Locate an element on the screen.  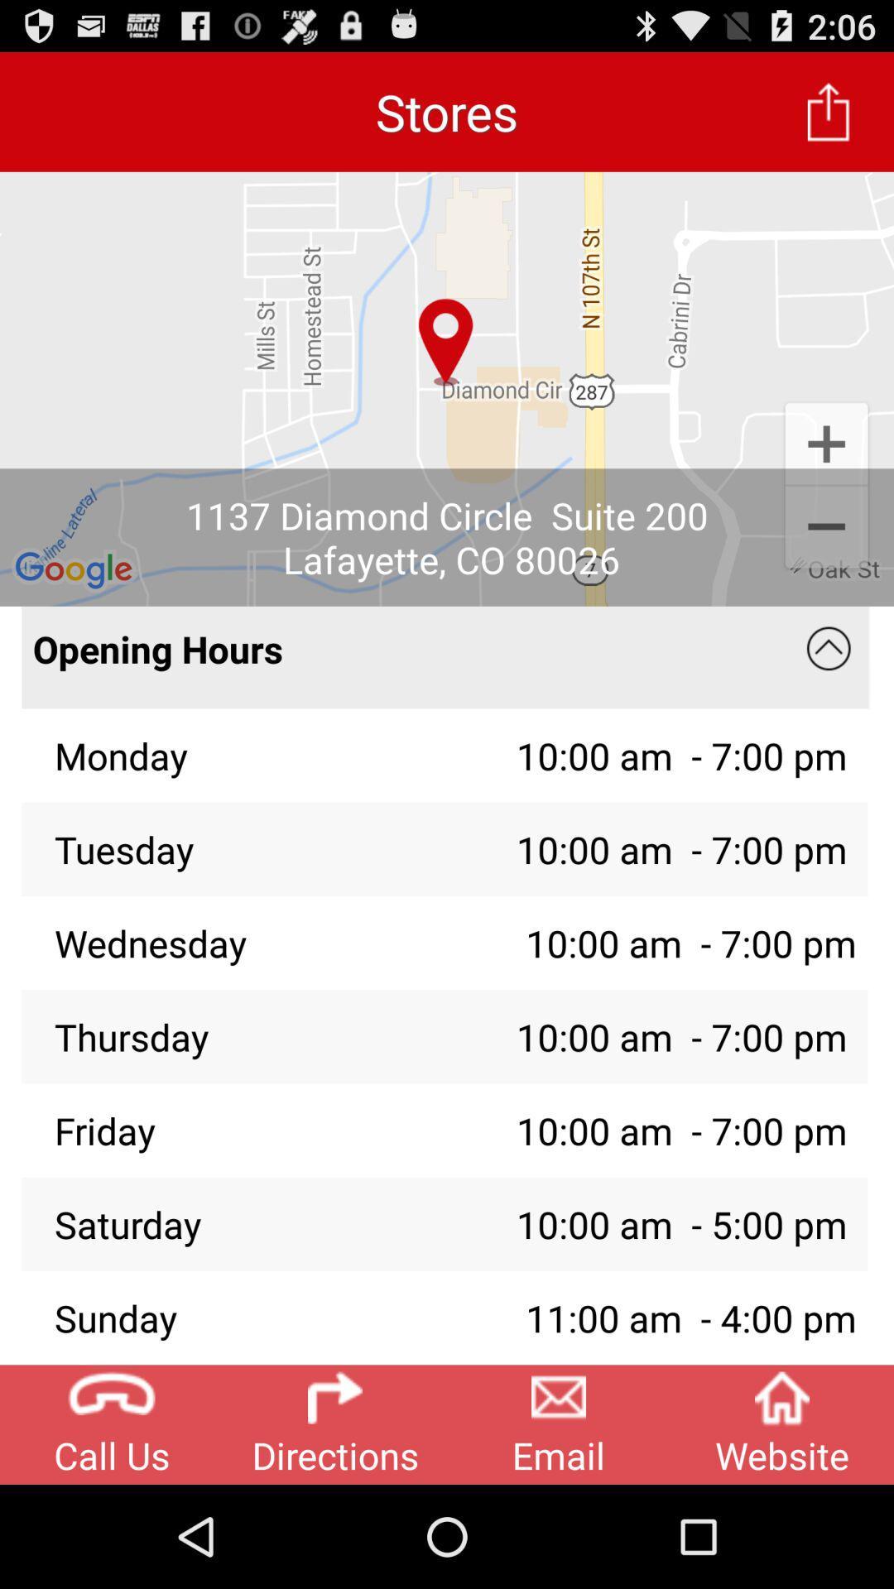
the call us icon is located at coordinates (112, 1423).